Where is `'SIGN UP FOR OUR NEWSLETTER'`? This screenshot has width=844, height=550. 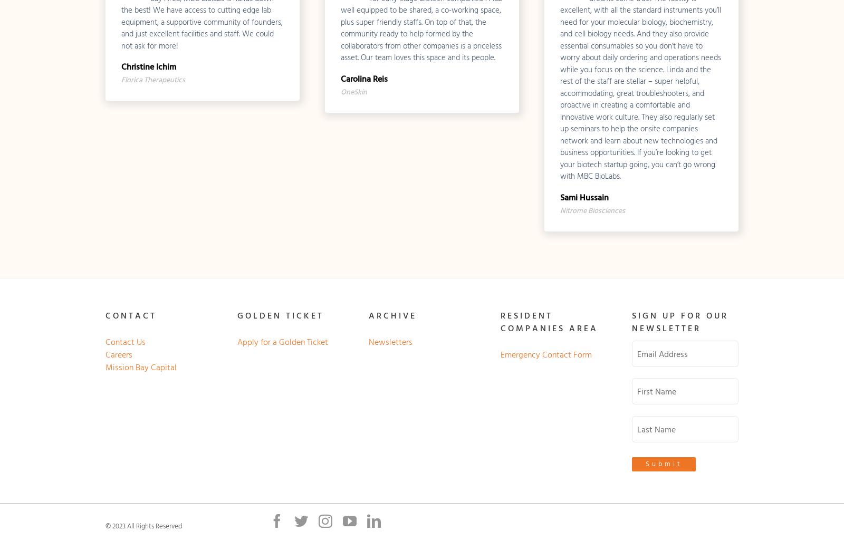 'SIGN UP FOR OUR NEWSLETTER' is located at coordinates (679, 321).